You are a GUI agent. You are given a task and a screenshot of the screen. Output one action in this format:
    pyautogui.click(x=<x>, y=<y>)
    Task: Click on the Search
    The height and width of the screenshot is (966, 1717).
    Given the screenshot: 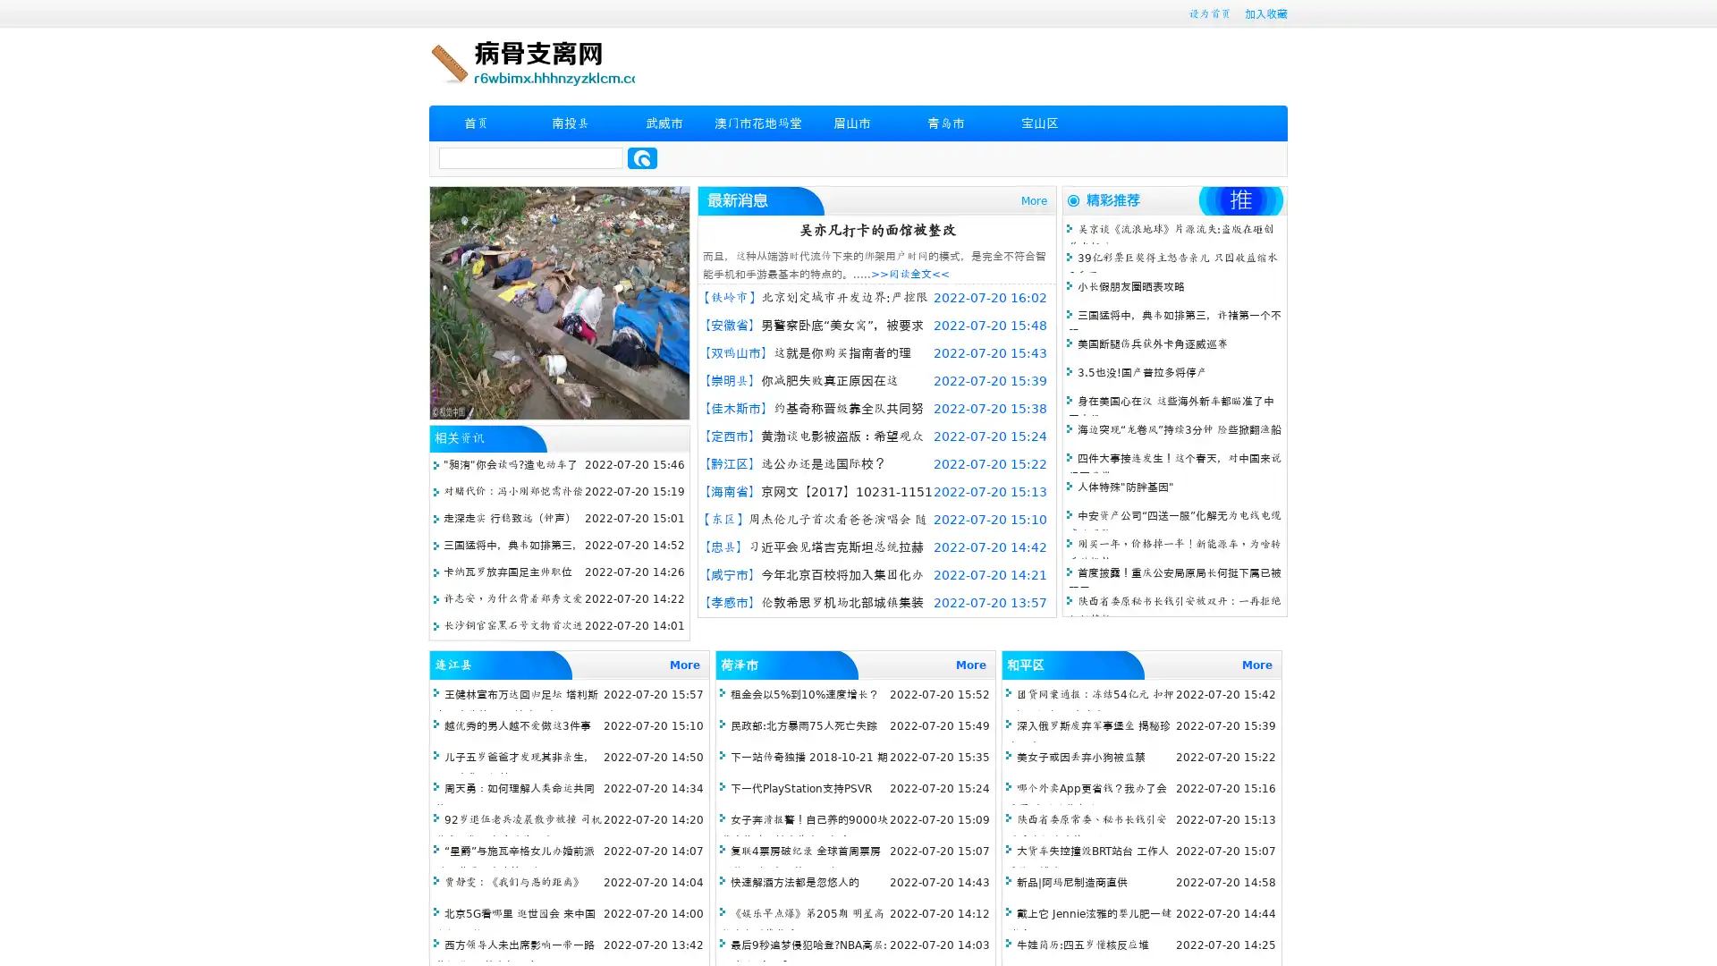 What is the action you would take?
    pyautogui.click(x=642, y=157)
    